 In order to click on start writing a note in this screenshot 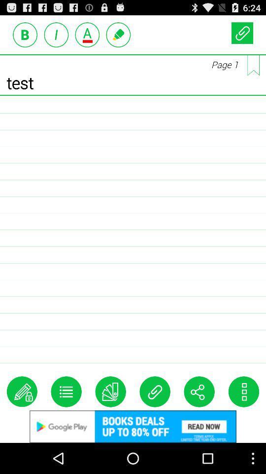, I will do `click(22, 392)`.